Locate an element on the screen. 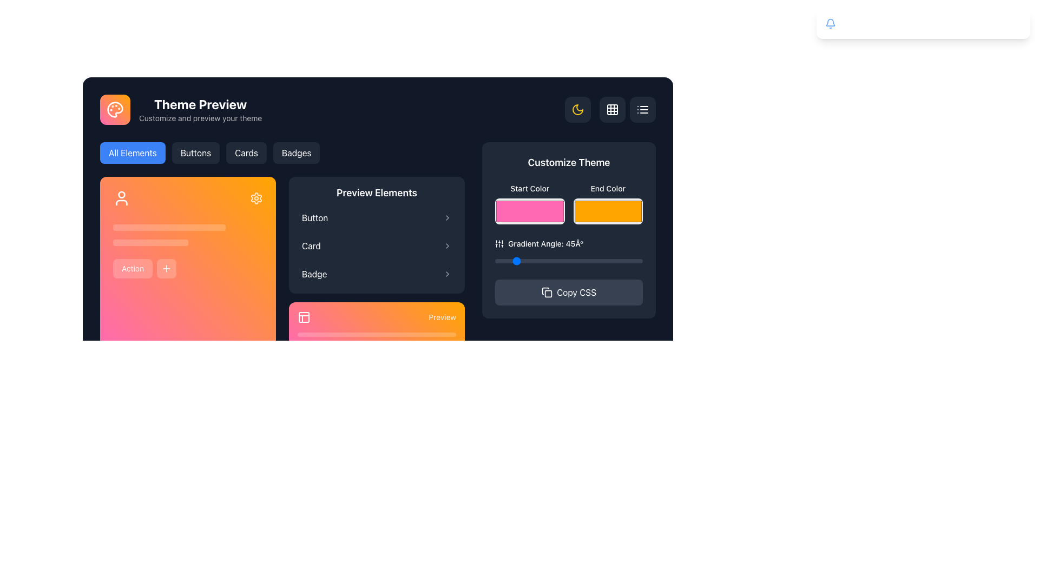 The height and width of the screenshot is (584, 1039). the 'End Color' text label in the 'Customize Theme' section, which describes the color picker below it is located at coordinates (608, 188).